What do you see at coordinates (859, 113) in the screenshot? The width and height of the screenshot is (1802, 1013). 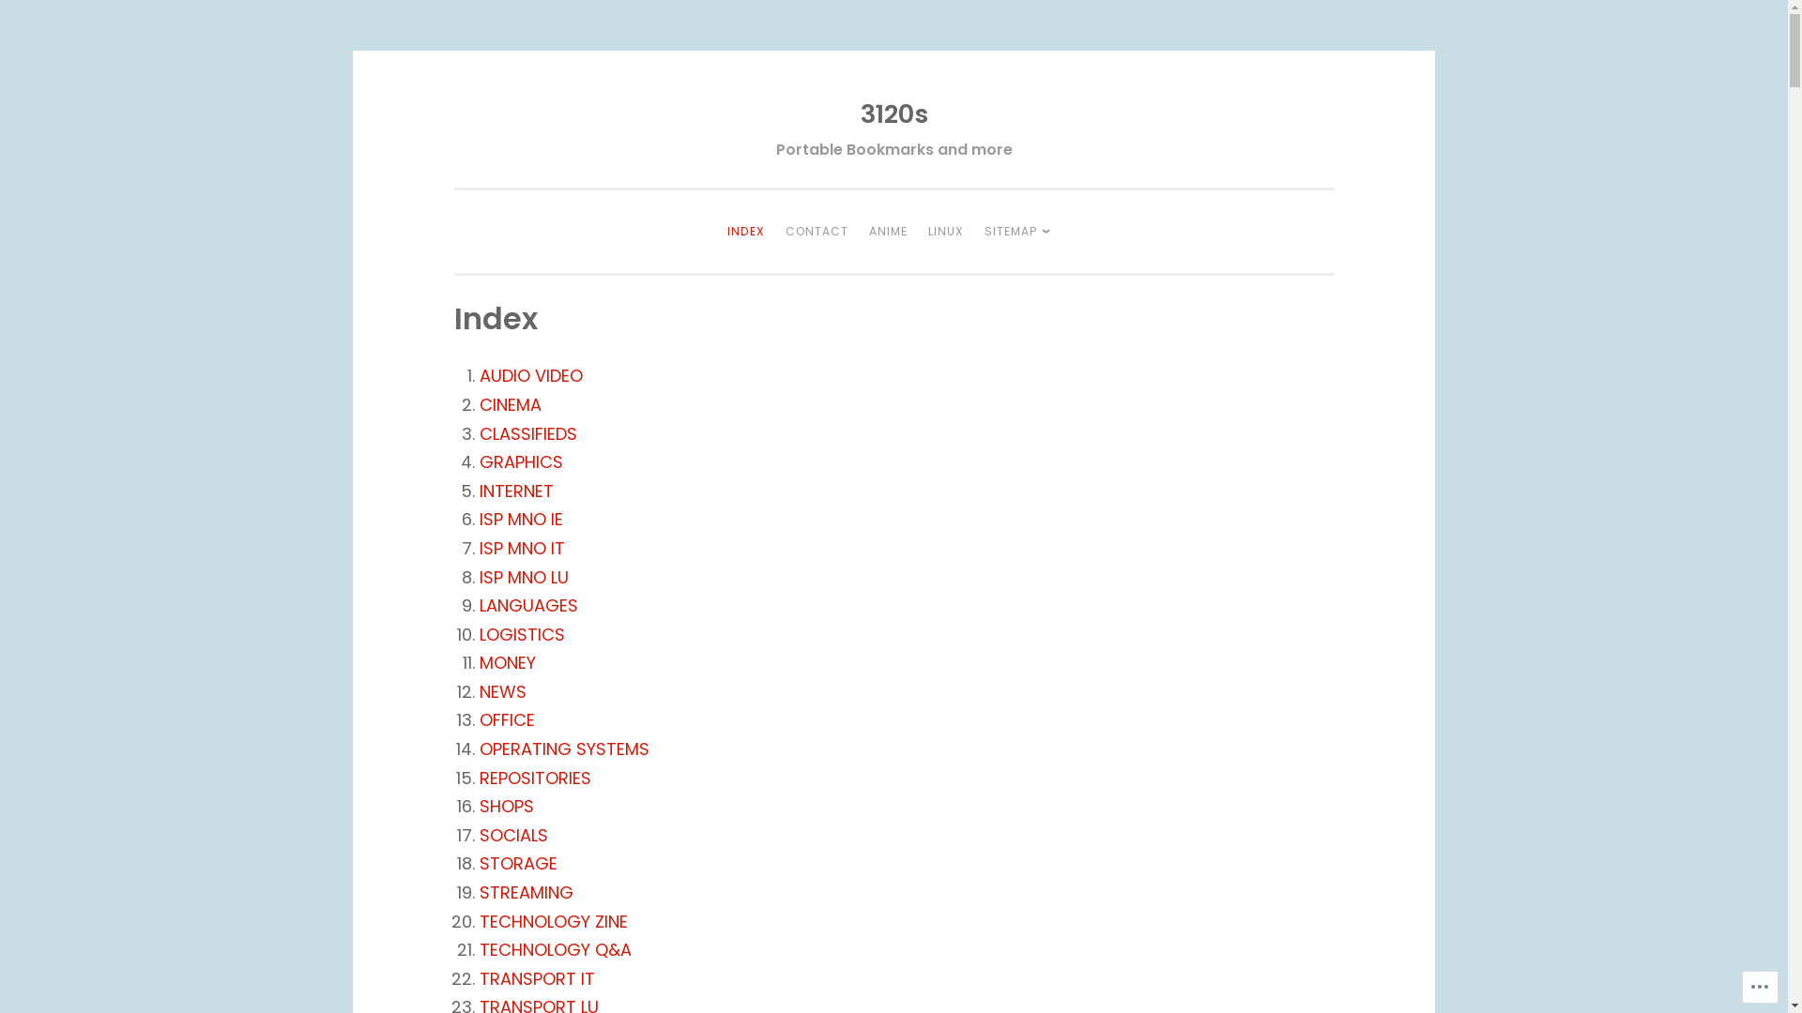 I see `'3120s'` at bounding box center [859, 113].